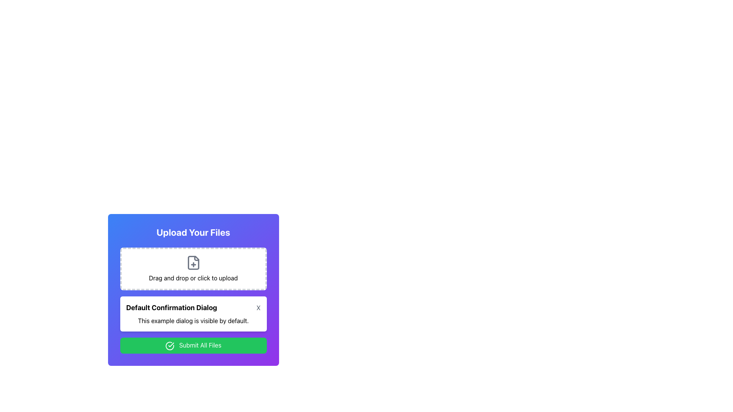 The image size is (733, 412). Describe the element at coordinates (170, 346) in the screenshot. I see `the green circular icon with a checkmark located to the left of the 'Submit All Files' button` at that location.